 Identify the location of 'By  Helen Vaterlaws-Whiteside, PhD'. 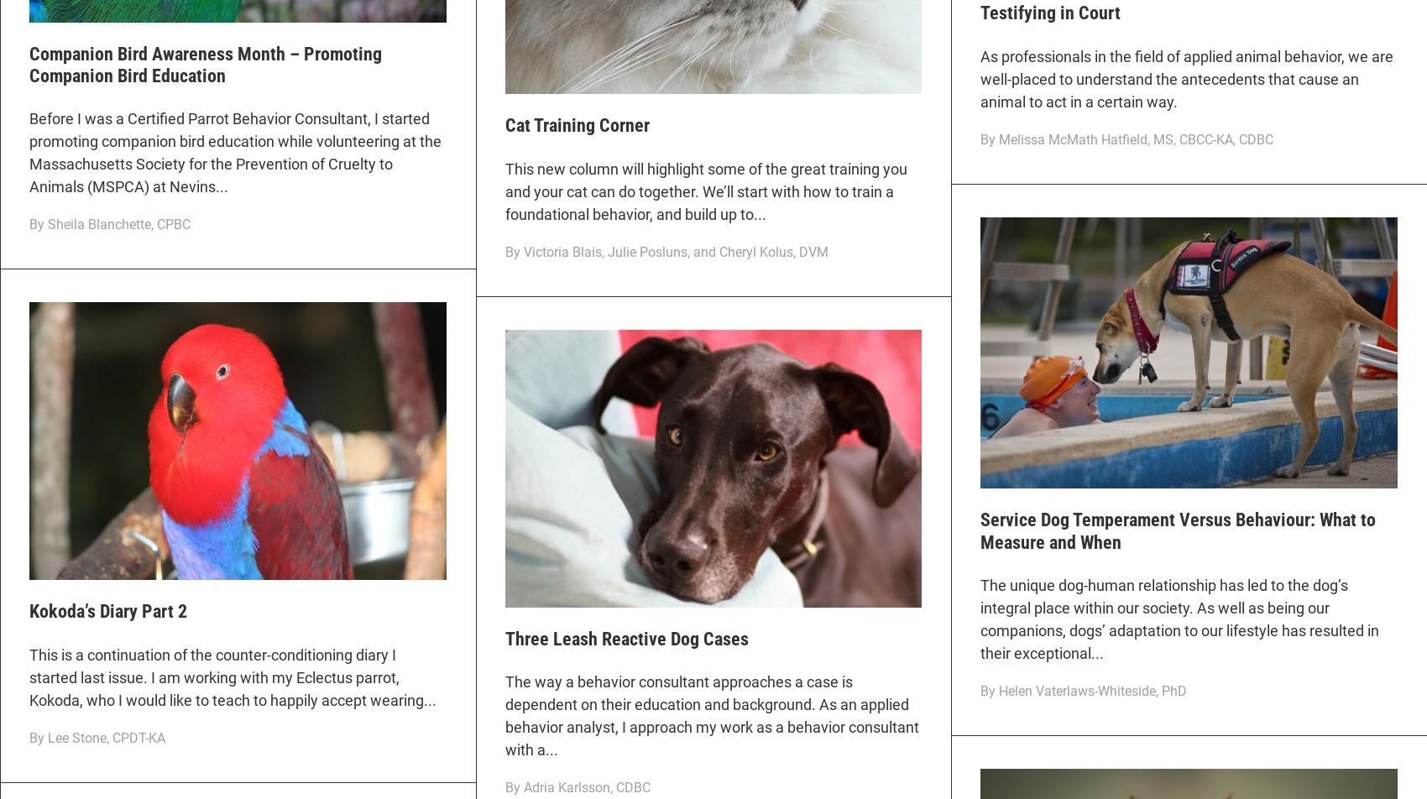
(1083, 691).